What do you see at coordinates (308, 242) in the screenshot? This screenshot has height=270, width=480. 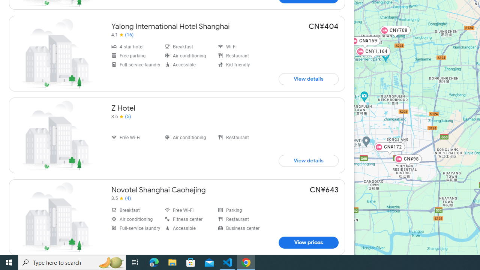 I see `'View prices for Novotel Shanghai Caohejing'` at bounding box center [308, 242].